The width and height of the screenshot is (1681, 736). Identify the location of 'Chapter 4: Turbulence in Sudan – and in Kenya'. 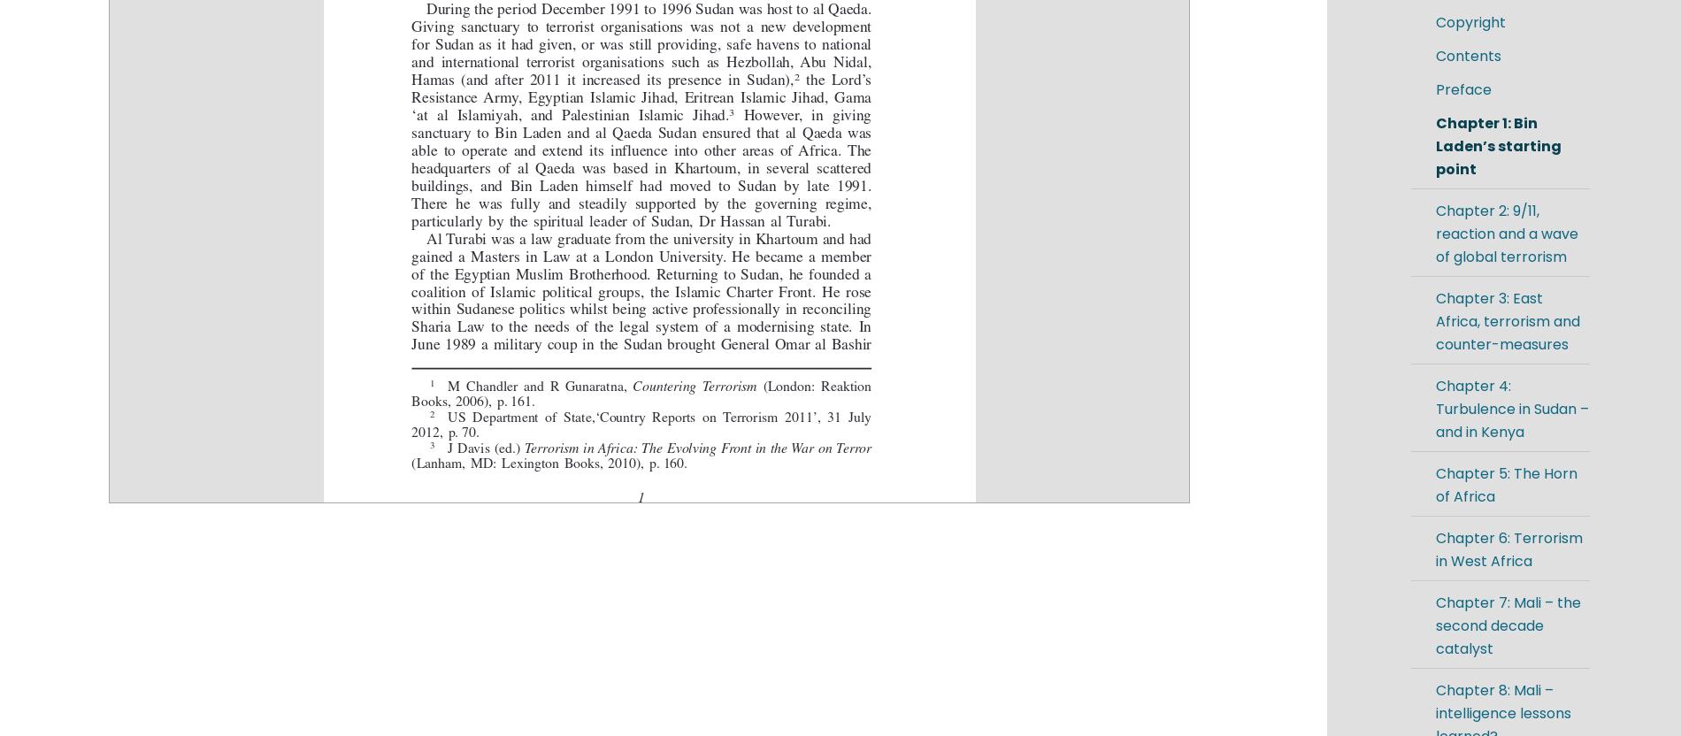
(1510, 409).